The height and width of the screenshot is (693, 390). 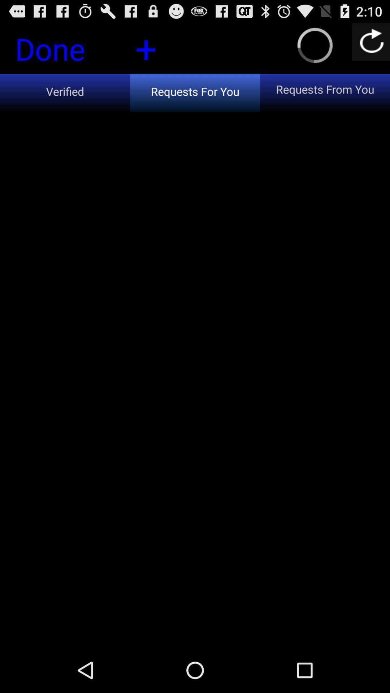 I want to click on verified item, so click(x=65, y=92).